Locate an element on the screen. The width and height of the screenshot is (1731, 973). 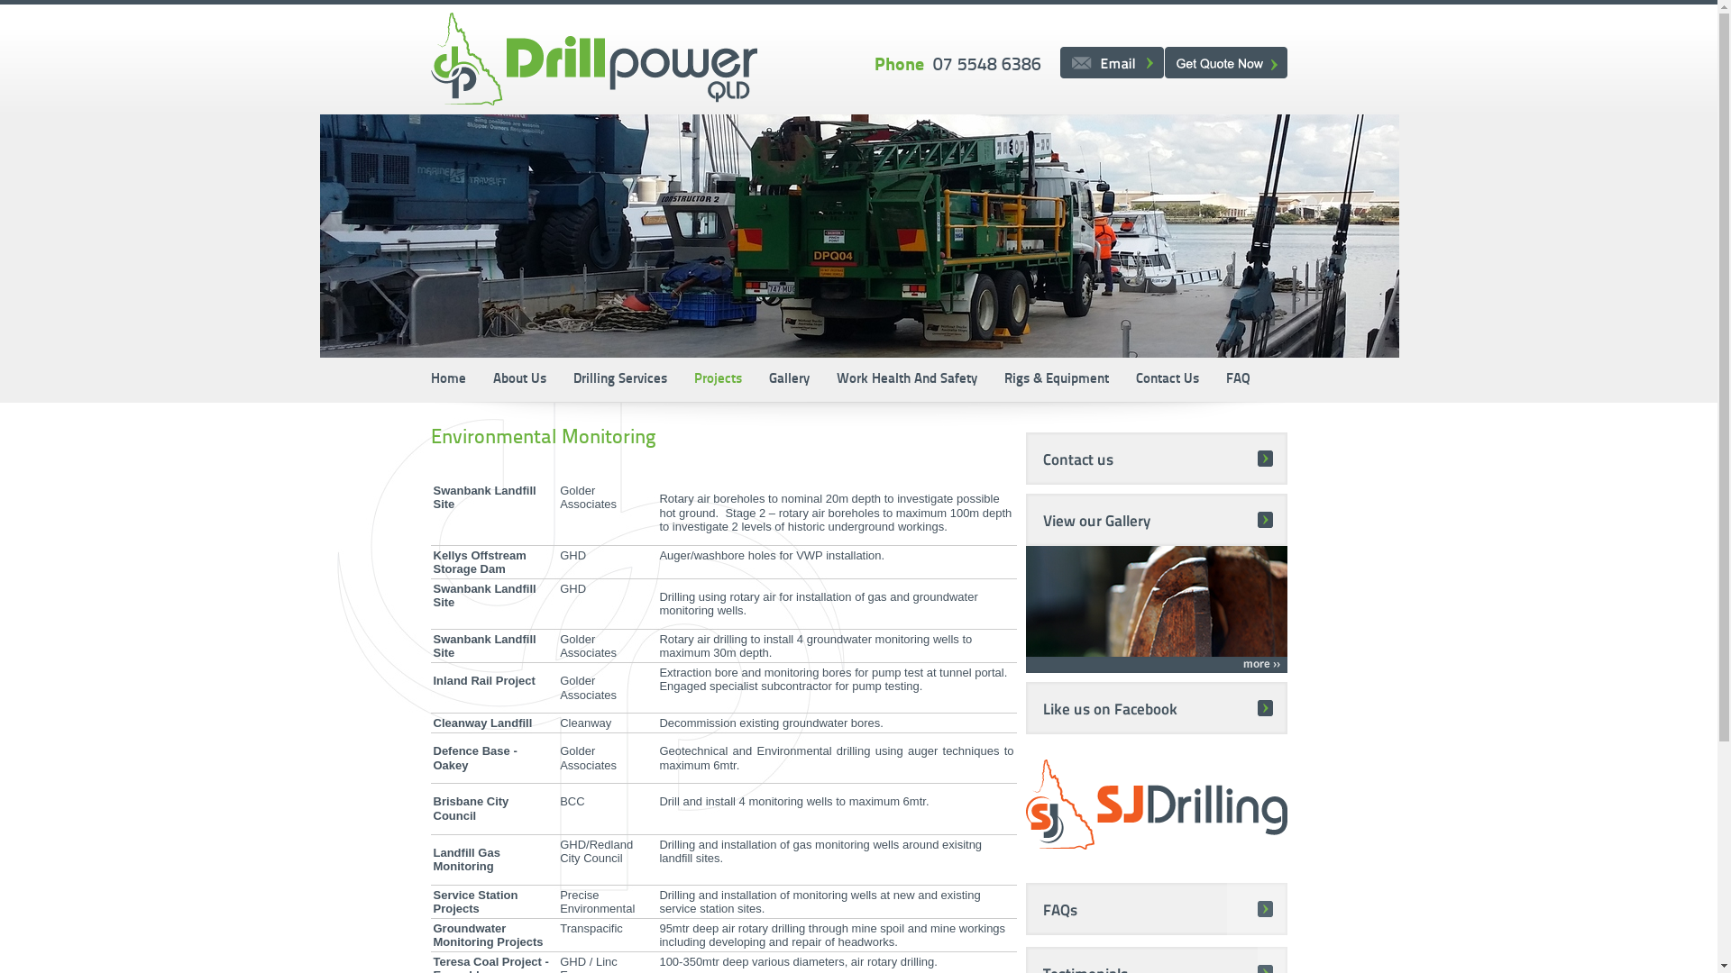
'Home' is located at coordinates (454, 378).